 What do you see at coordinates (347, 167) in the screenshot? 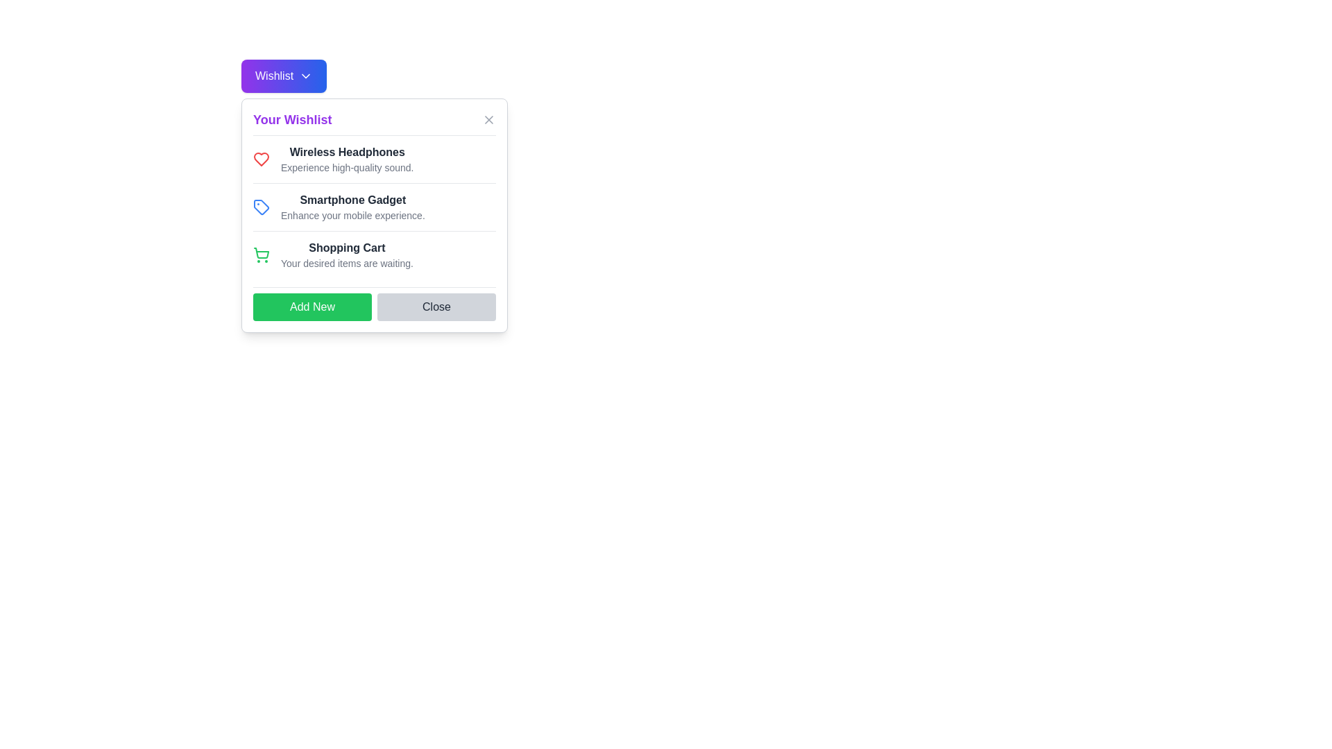
I see `the static text label that provides additional details about 'Wireless Headphones' located beneath the bold title within the 'Your Wishlist' dropdown interface` at bounding box center [347, 167].